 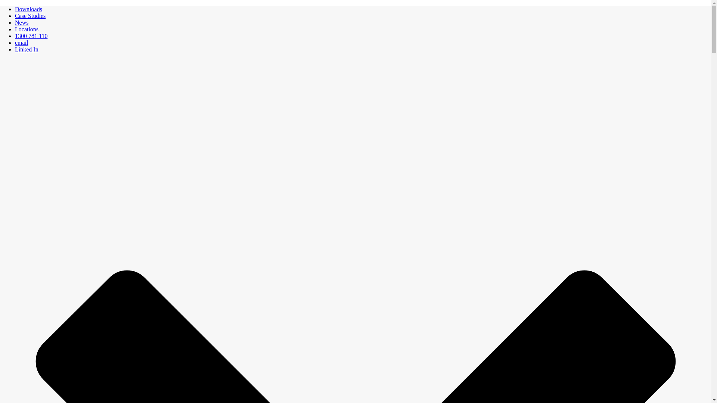 I want to click on 'News', so click(x=21, y=22).